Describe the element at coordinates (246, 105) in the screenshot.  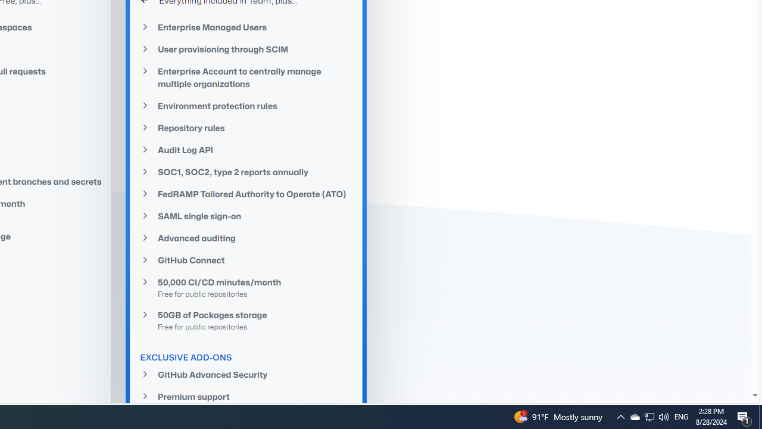
I see `'Environment protection rules'` at that location.